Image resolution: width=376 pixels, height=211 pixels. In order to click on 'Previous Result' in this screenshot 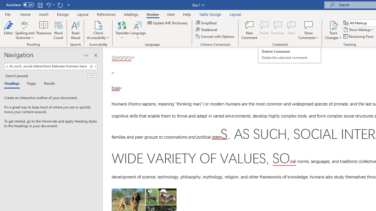, I will do `click(89, 75)`.